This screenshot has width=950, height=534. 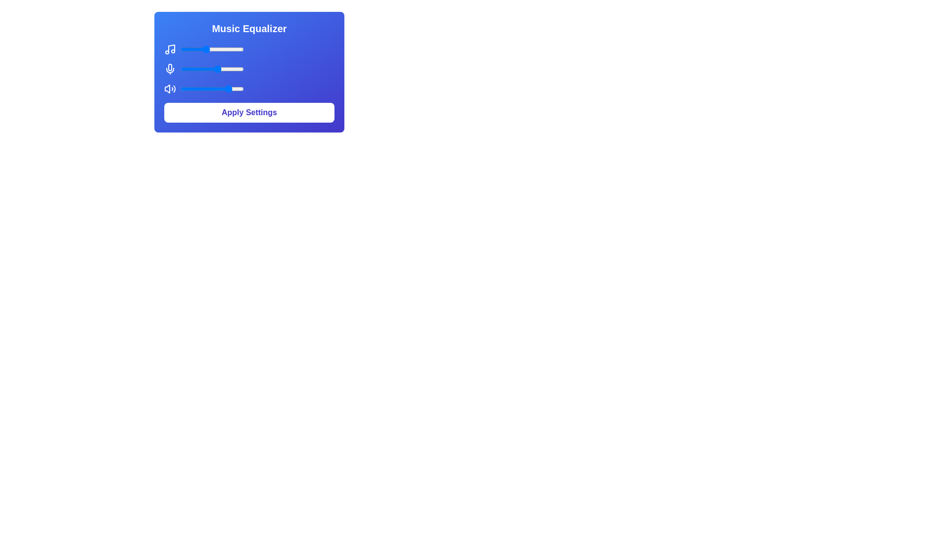 What do you see at coordinates (207, 89) in the screenshot?
I see `the volume` at bounding box center [207, 89].